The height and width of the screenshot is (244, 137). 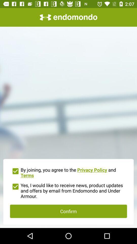 I want to click on the icon below by joining you item, so click(x=68, y=190).